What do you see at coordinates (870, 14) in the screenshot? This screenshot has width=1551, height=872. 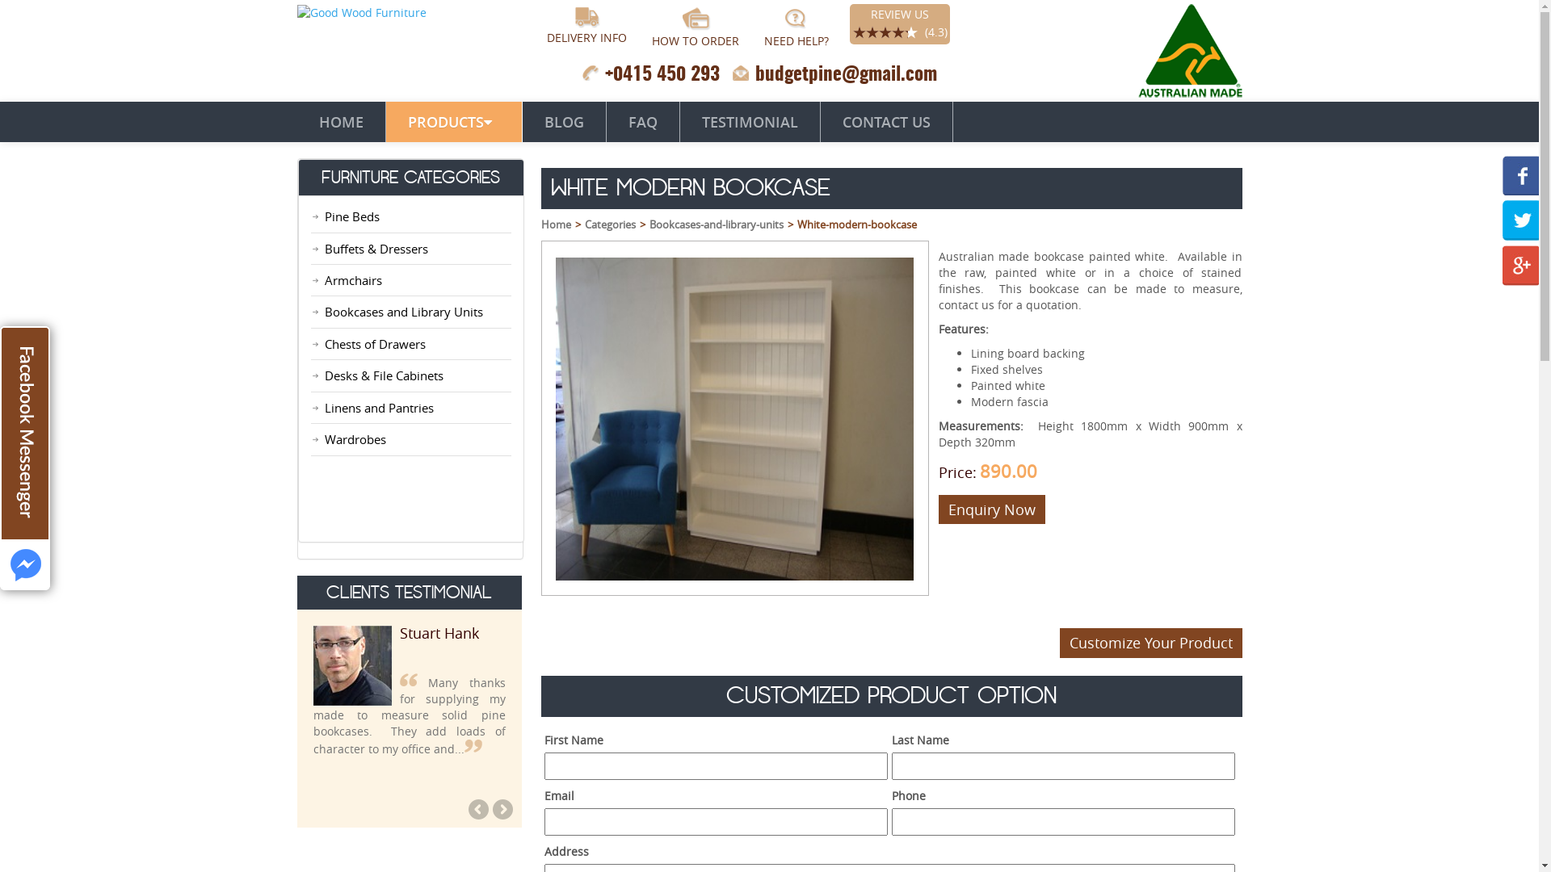 I see `'REVIEW US'` at bounding box center [870, 14].